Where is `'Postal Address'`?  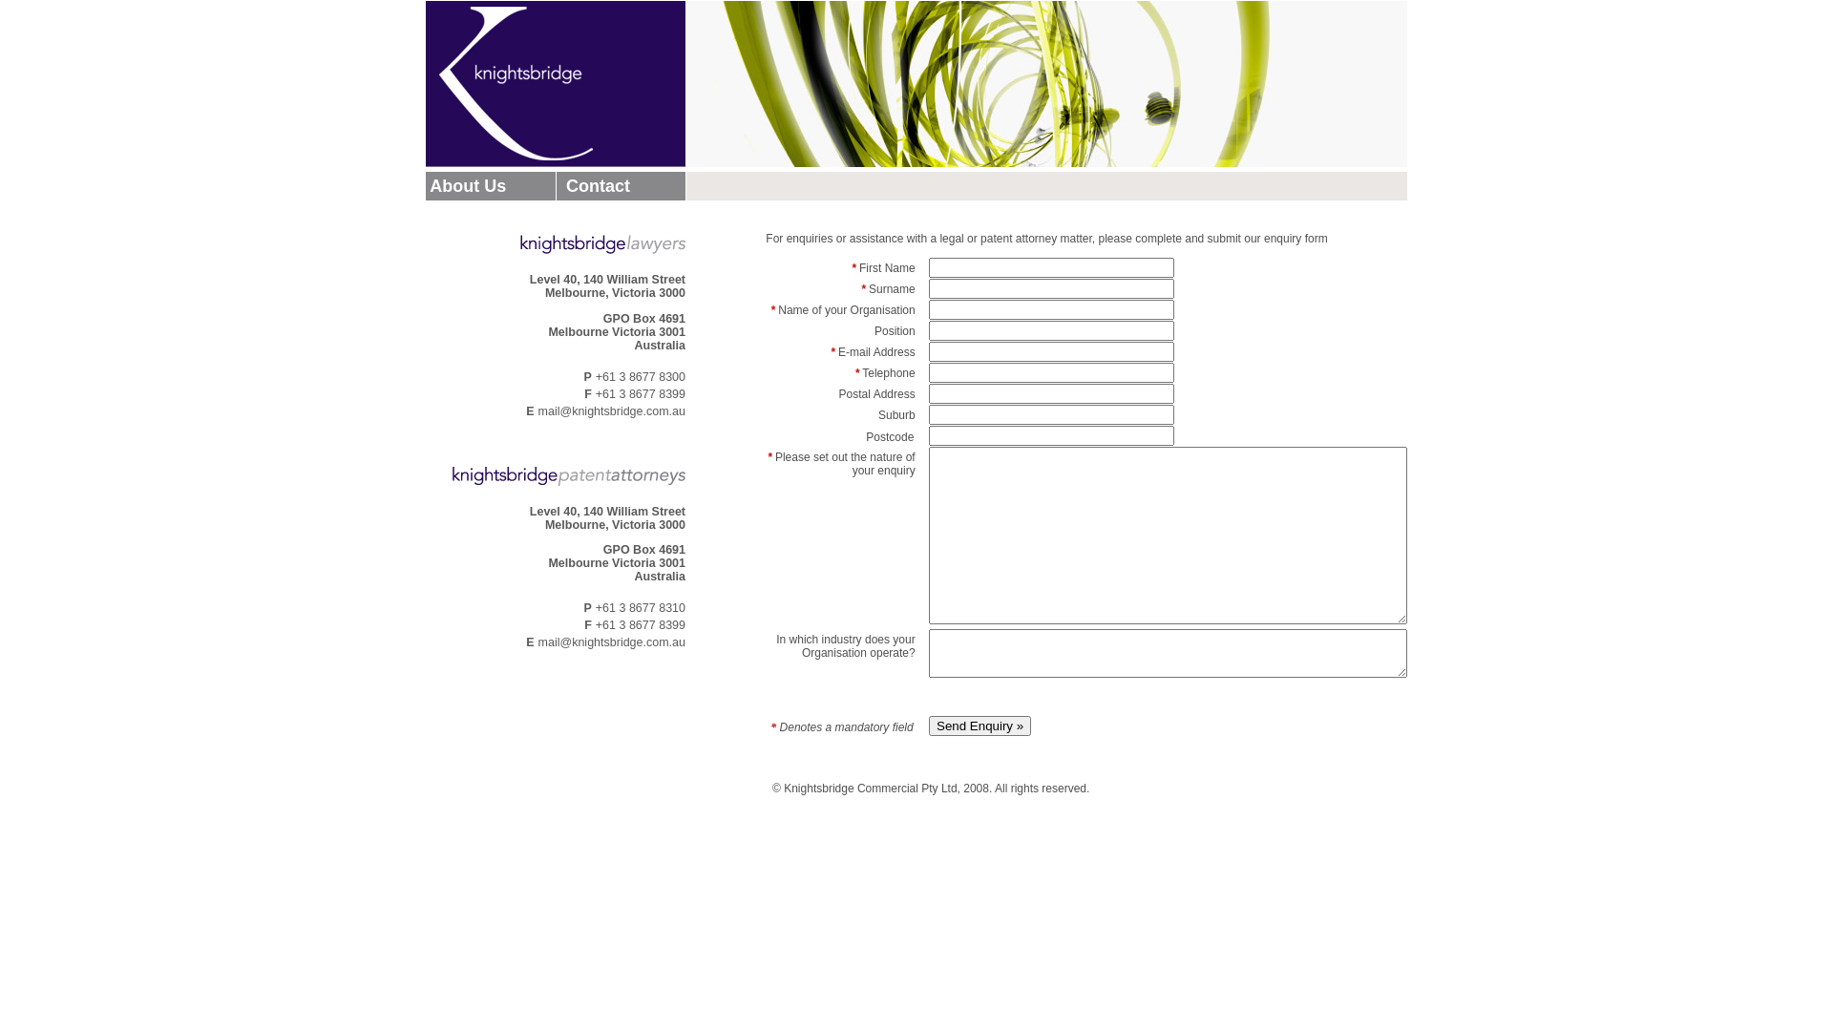 'Postal Address' is located at coordinates (1050, 413).